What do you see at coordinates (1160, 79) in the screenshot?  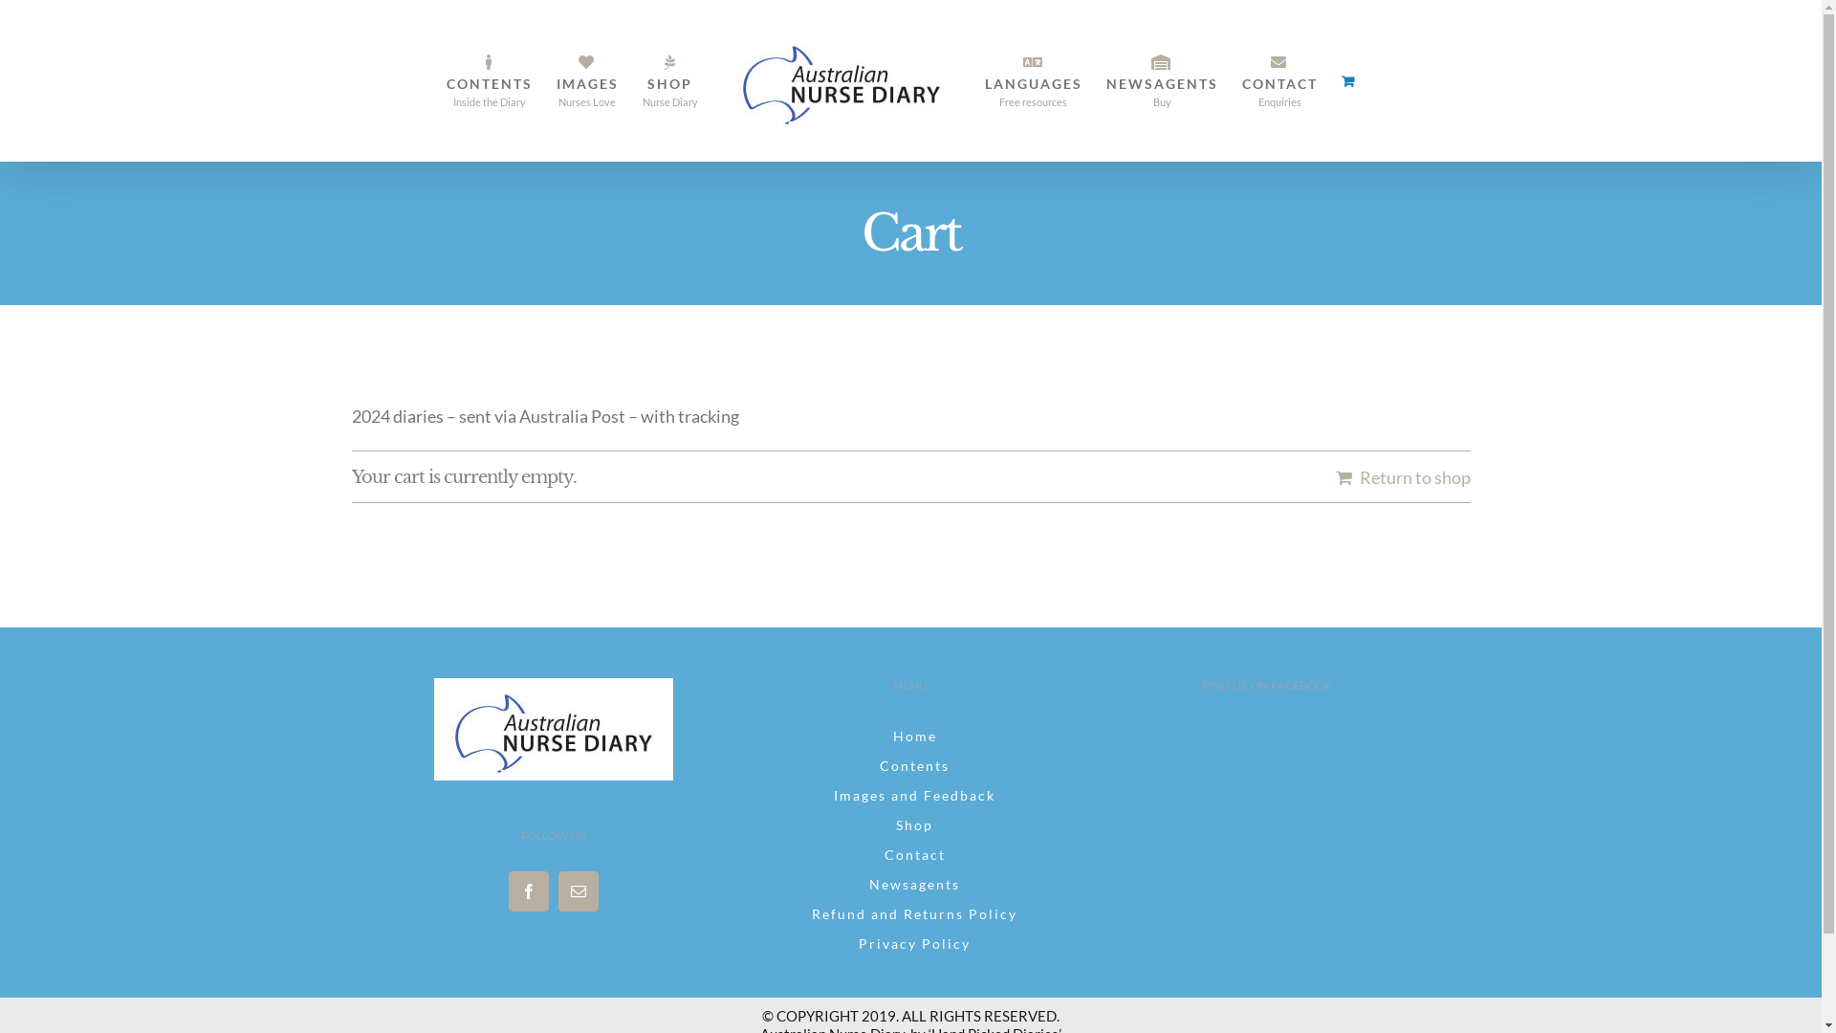 I see `'NEWSAGENTS` at bounding box center [1160, 79].